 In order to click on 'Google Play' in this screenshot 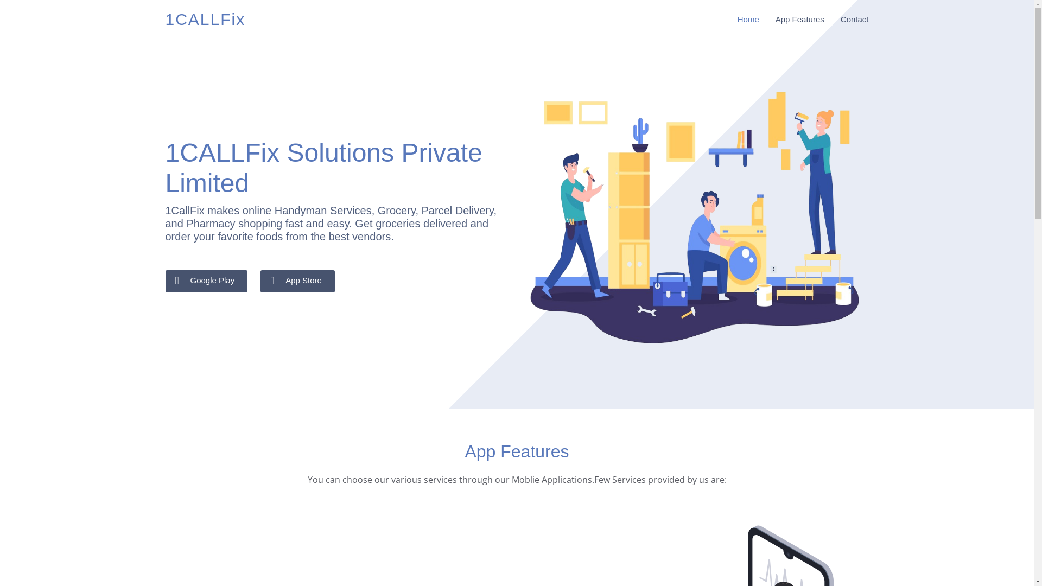, I will do `click(206, 281)`.